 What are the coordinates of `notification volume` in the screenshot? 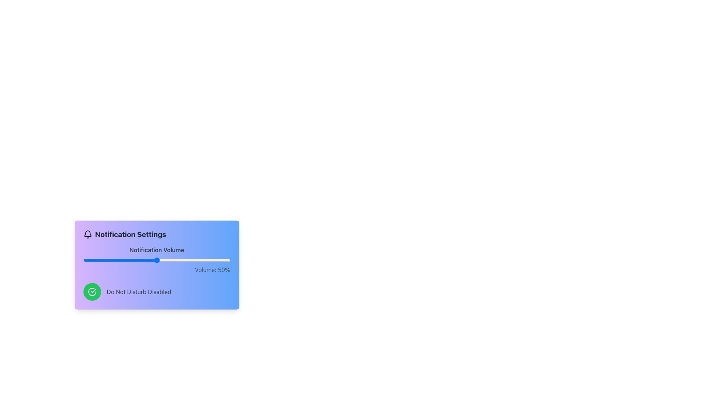 It's located at (152, 260).